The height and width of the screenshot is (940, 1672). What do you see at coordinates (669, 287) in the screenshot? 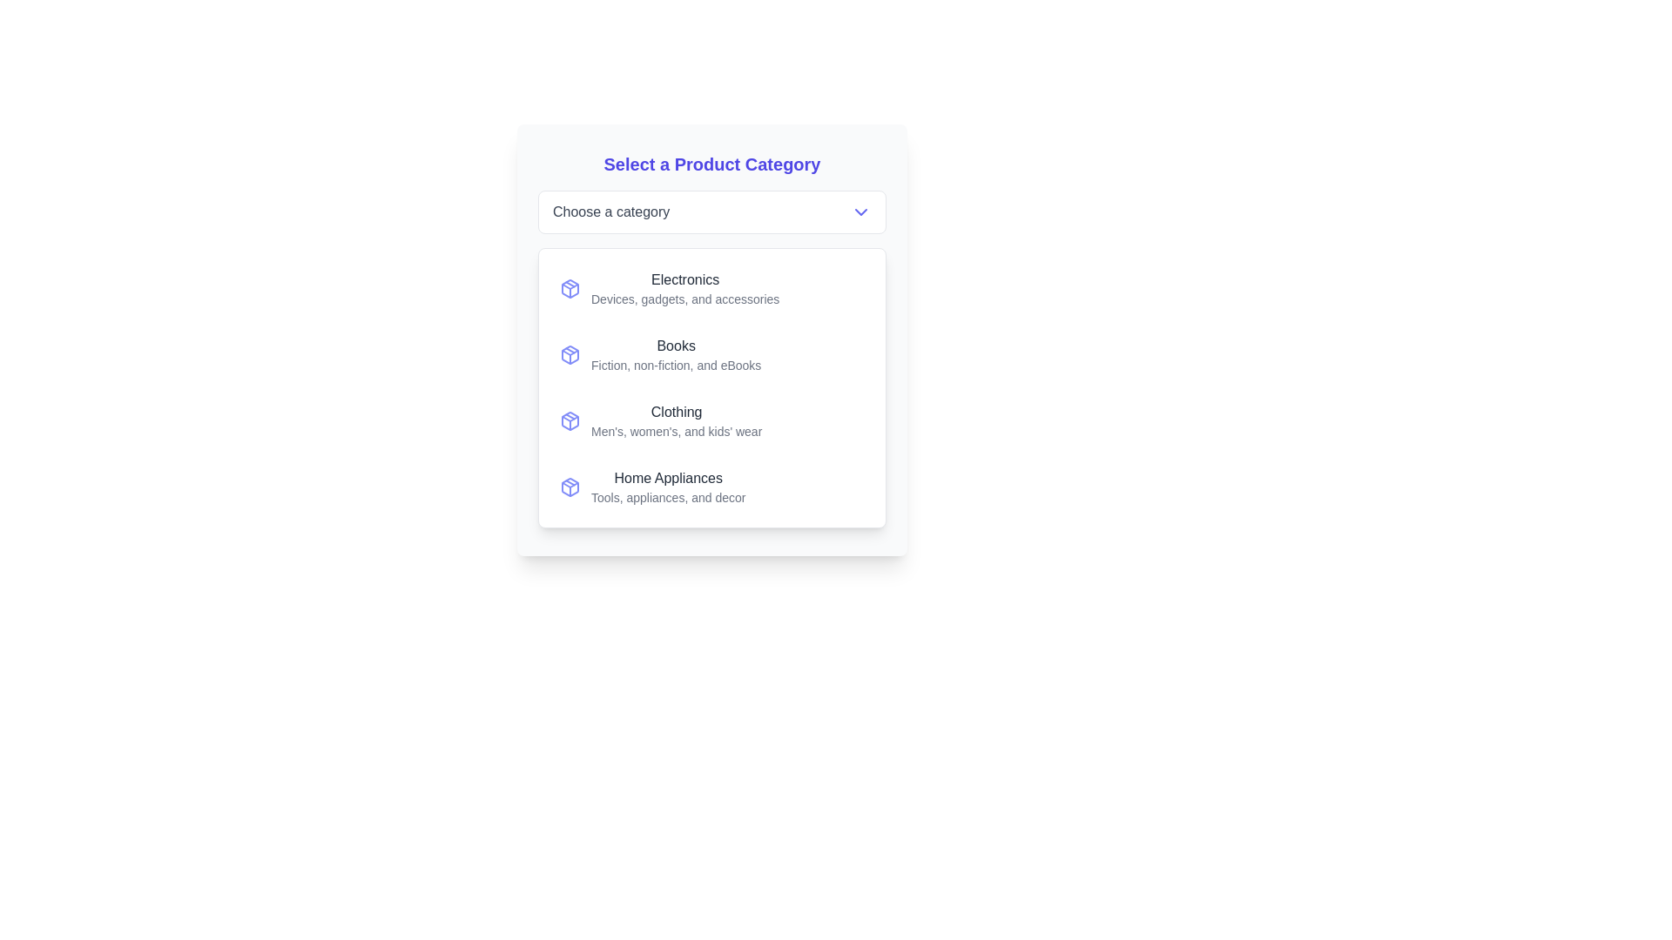
I see `the 'Electronics' category list entry using keyboard navigation` at bounding box center [669, 287].